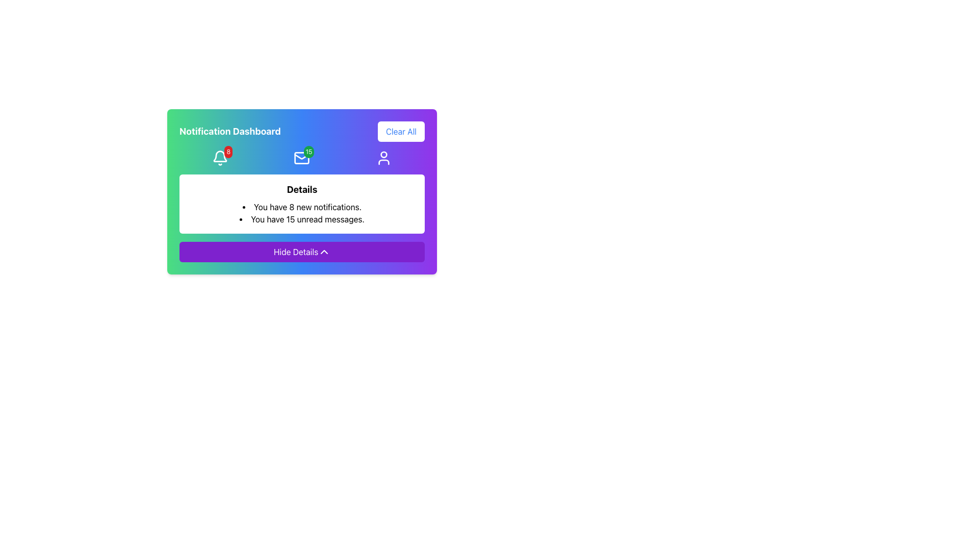  I want to click on the rectangular SVG shape with curved corners located inside the envelope icon in the upper section of the main notification dashboard, so click(301, 158).